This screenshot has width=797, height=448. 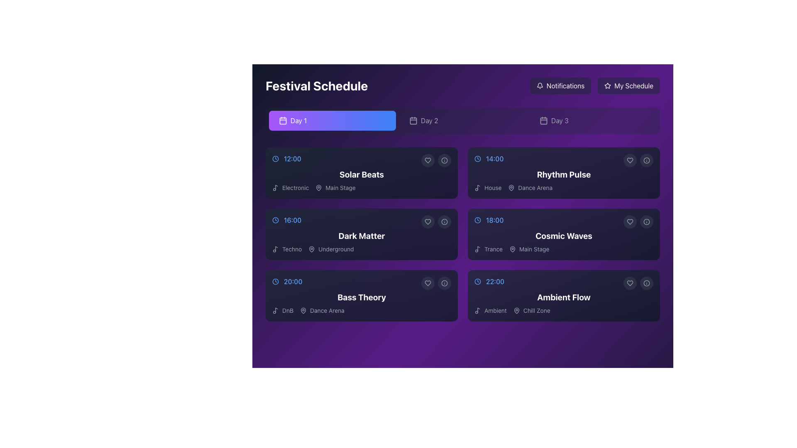 I want to click on the heart icon embedded within the circular button in the top-right corner of the 'Solar Beats' schedule box, so click(x=428, y=160).